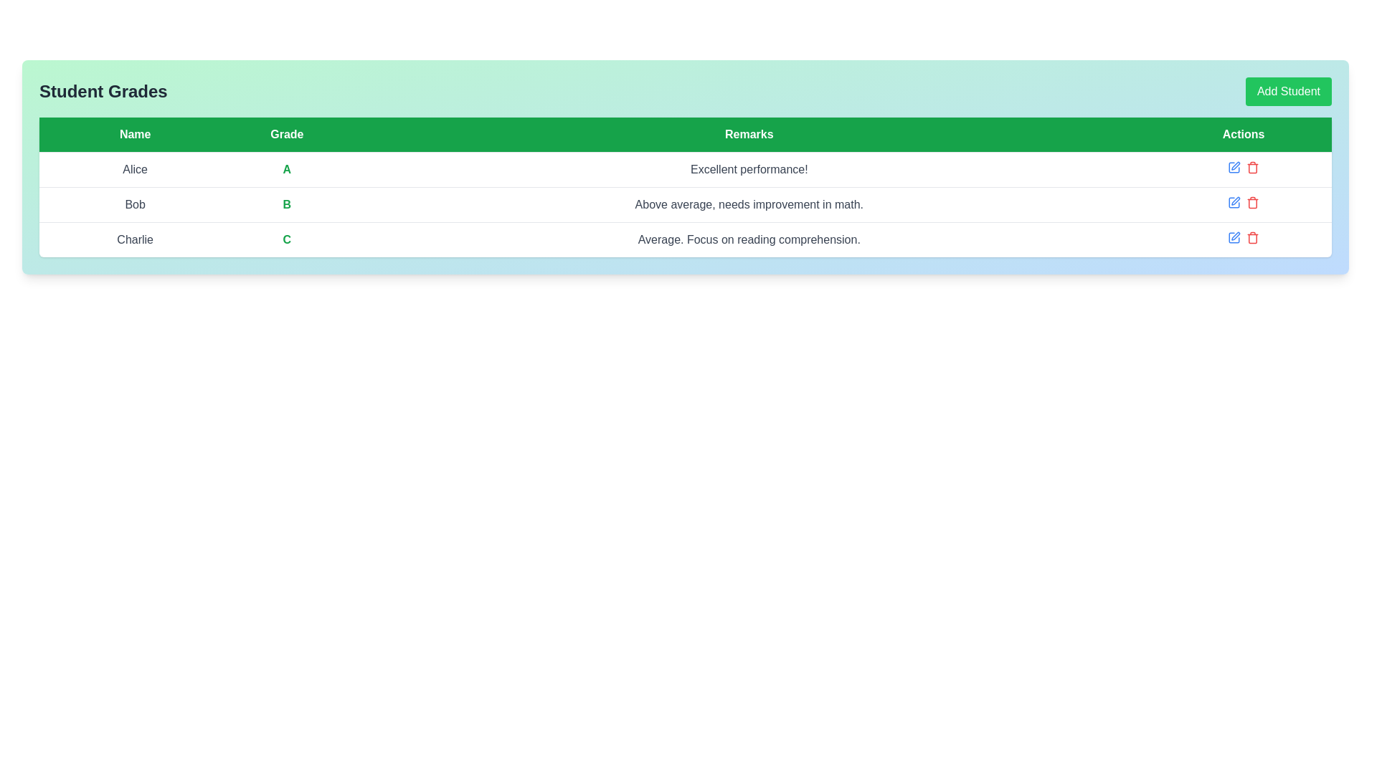  I want to click on the icon button resembling a square with a checkmark or pen stroke in the Actions column of the table for student 'Bob' to possibly reveal a tooltip, so click(1234, 202).